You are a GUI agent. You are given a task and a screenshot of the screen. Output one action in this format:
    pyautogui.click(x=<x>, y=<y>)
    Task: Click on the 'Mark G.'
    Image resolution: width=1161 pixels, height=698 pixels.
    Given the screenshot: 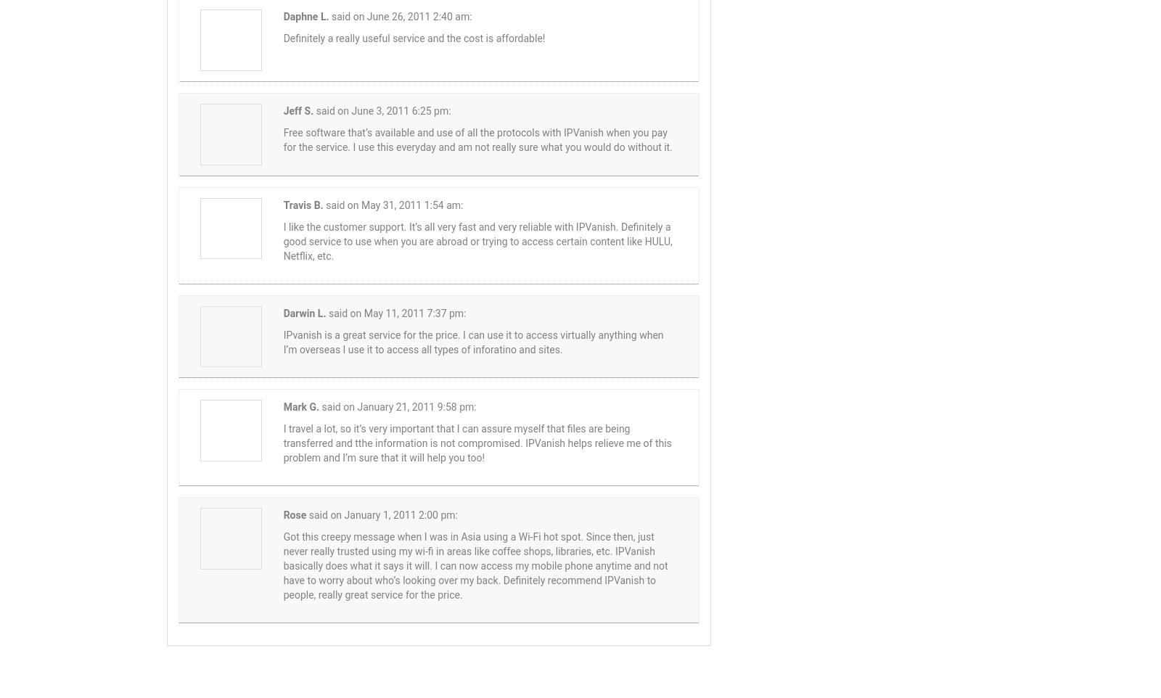 What is the action you would take?
    pyautogui.click(x=300, y=407)
    